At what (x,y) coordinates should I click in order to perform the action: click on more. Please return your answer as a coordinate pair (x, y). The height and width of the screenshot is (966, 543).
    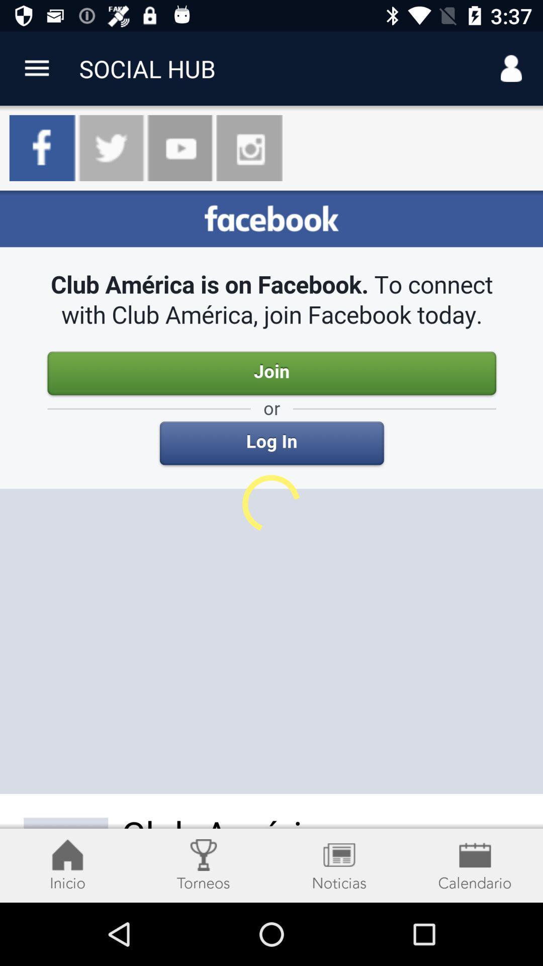
    Looking at the image, I should click on (36, 68).